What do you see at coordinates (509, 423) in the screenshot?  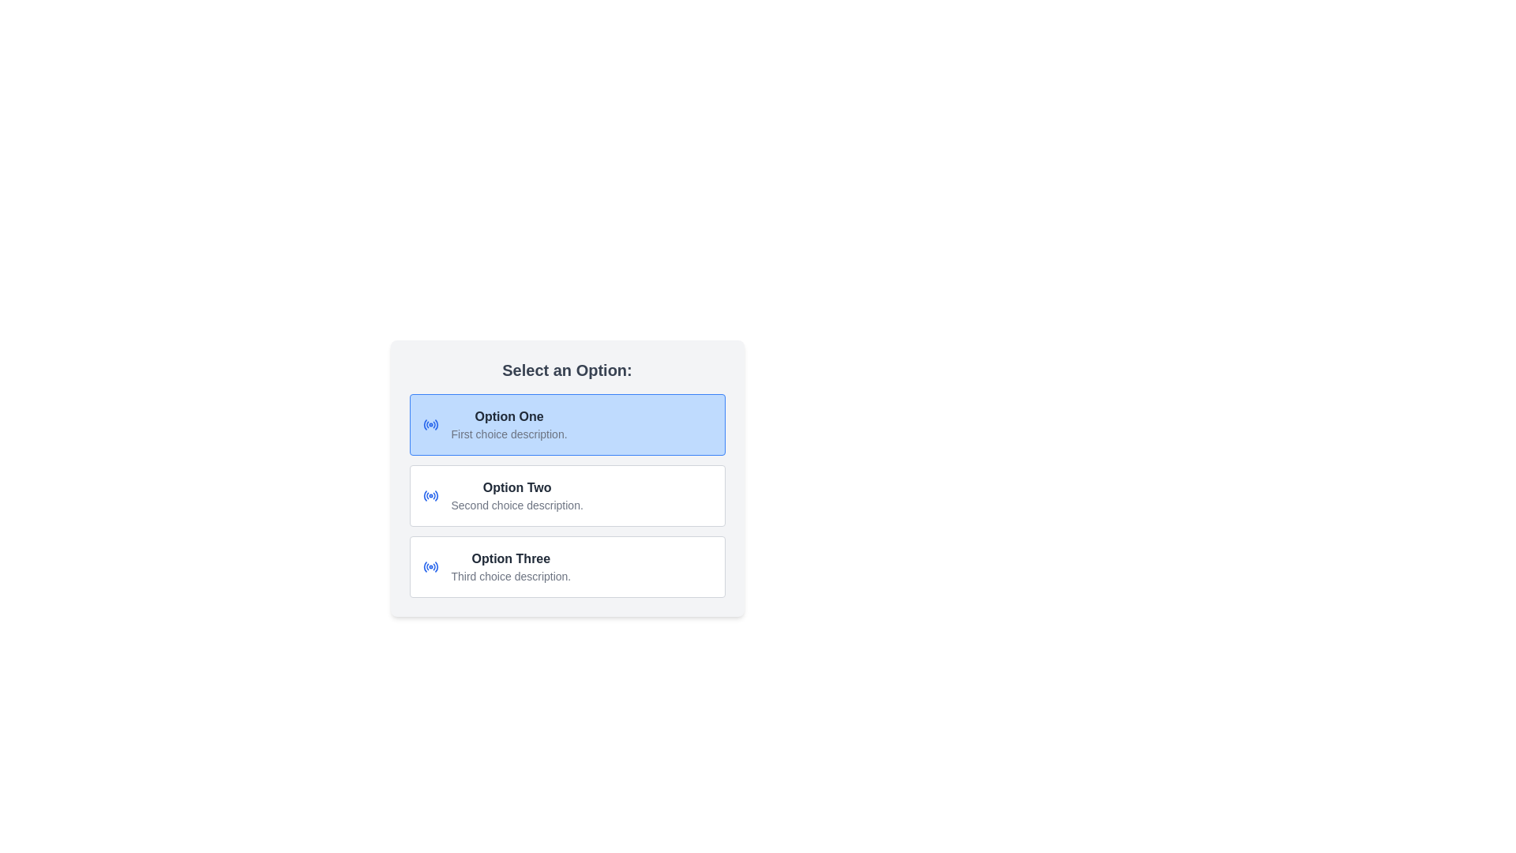 I see `the selectable option labeled 'Option One' that is the first in the list under the heading 'Select an Option:'` at bounding box center [509, 423].